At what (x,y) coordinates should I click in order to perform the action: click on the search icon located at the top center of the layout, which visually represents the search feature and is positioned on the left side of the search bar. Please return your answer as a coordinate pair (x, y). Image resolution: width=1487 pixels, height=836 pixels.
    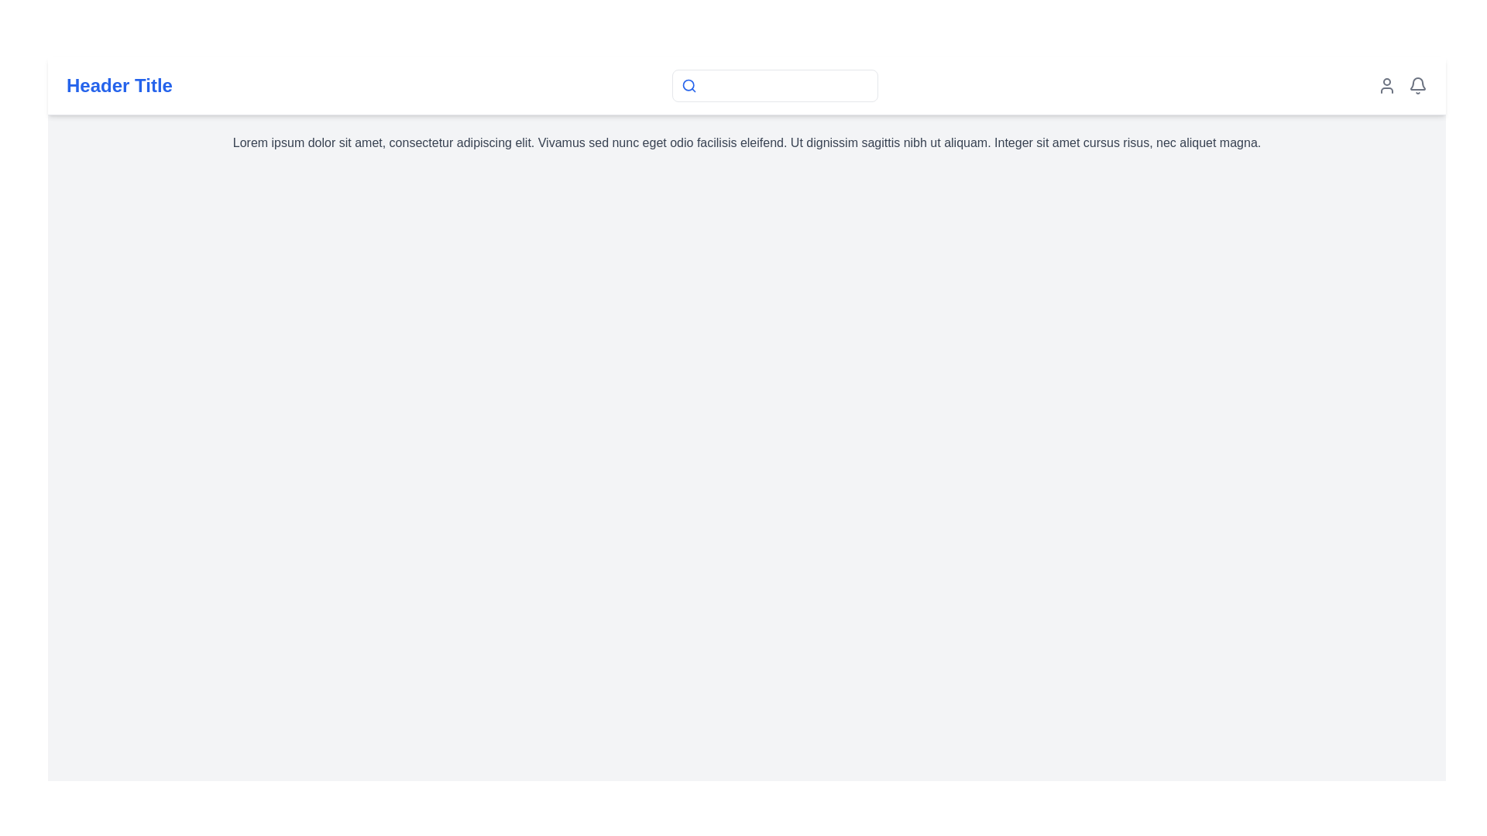
    Looking at the image, I should click on (688, 86).